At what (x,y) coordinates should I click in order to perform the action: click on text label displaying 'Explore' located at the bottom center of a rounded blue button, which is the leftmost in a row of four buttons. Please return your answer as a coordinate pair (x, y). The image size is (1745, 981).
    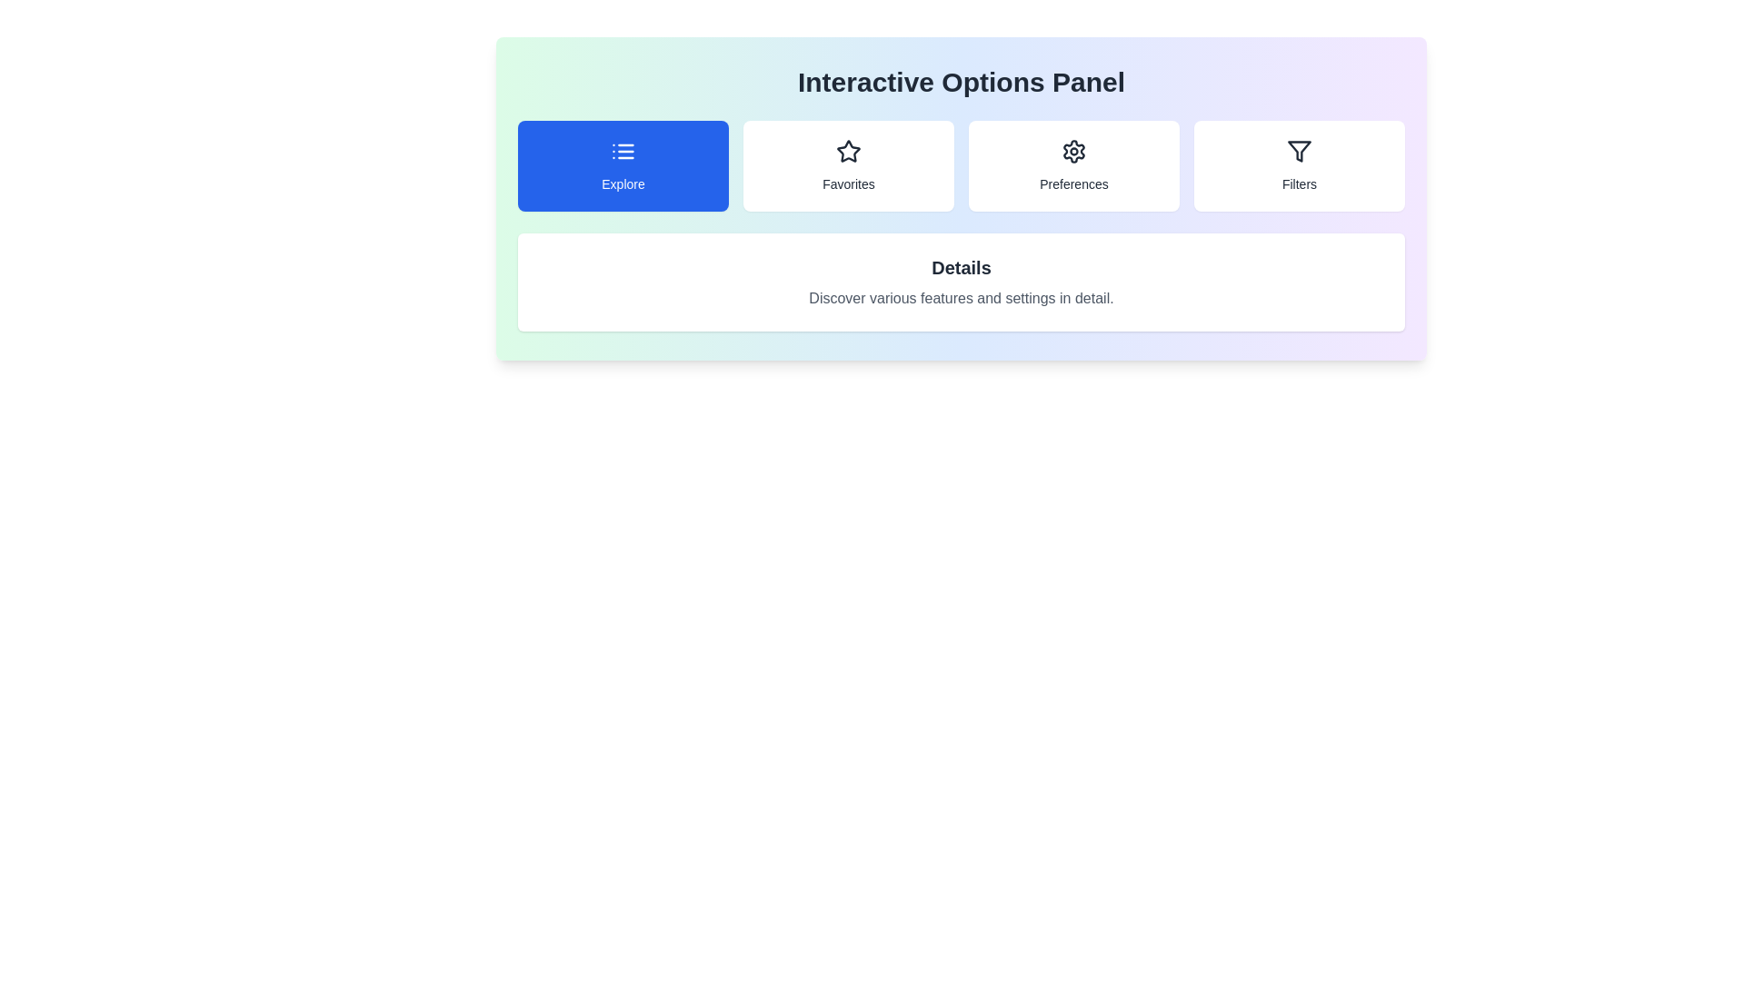
    Looking at the image, I should click on (623, 184).